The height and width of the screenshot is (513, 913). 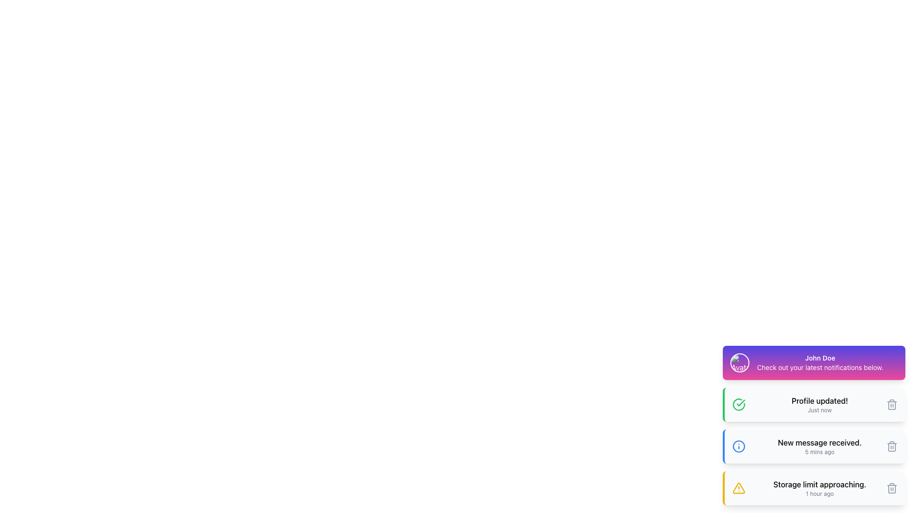 I want to click on the green circular checkmark icon located in the first notification card under the main notification section, adjacent to the text 'Profile updated!', so click(x=738, y=405).